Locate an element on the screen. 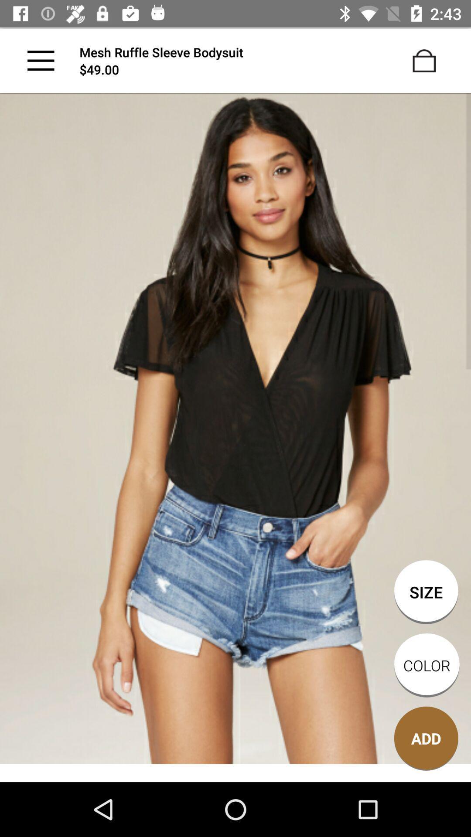 The image size is (471, 837). toggles a more option is located at coordinates (41, 60).